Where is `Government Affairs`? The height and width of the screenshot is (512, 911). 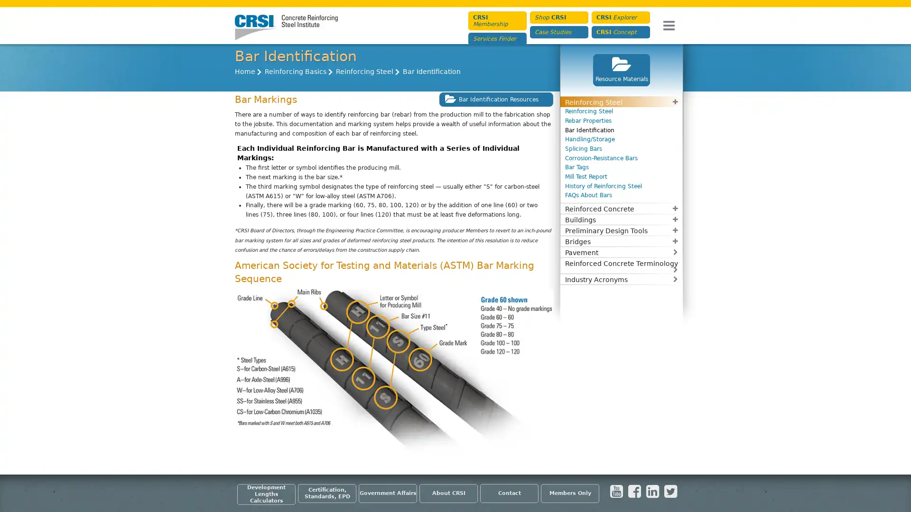
Government Affairs is located at coordinates (388, 493).